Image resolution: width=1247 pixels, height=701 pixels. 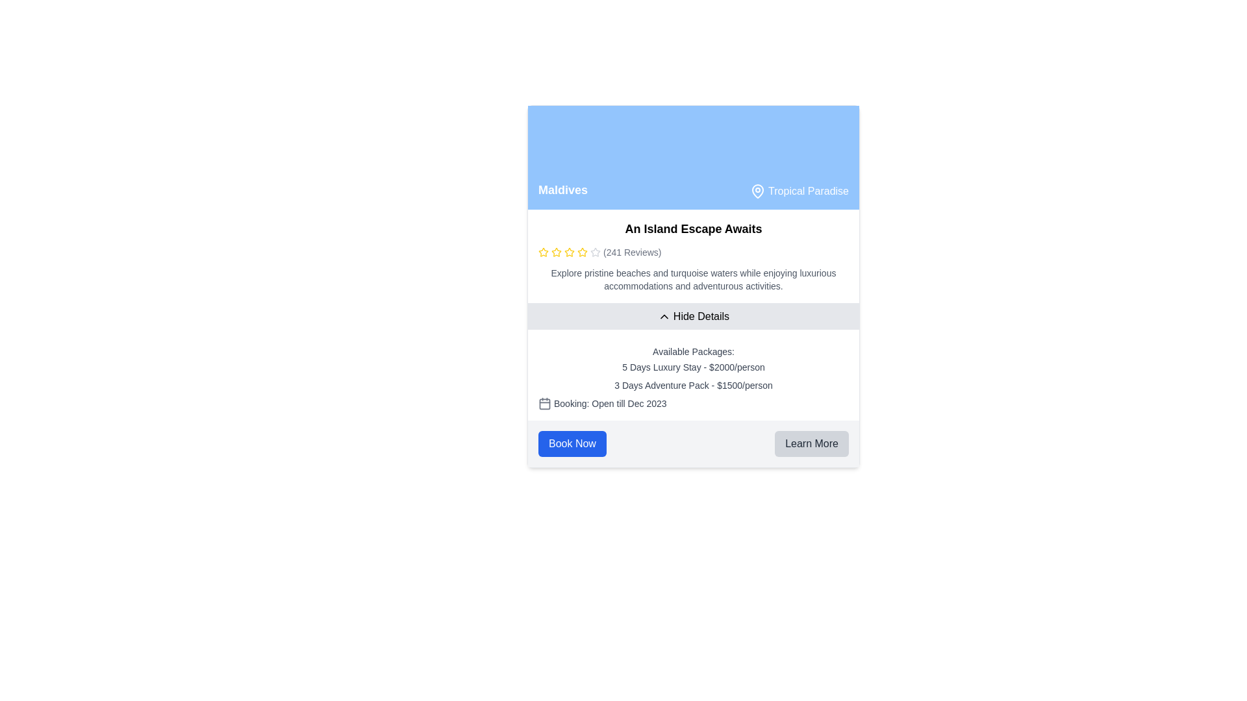 I want to click on the first star icon, which is a five-pointed star with a yellow outline, indicating an active status in the rating system above '(241 Reviews)', so click(x=543, y=252).